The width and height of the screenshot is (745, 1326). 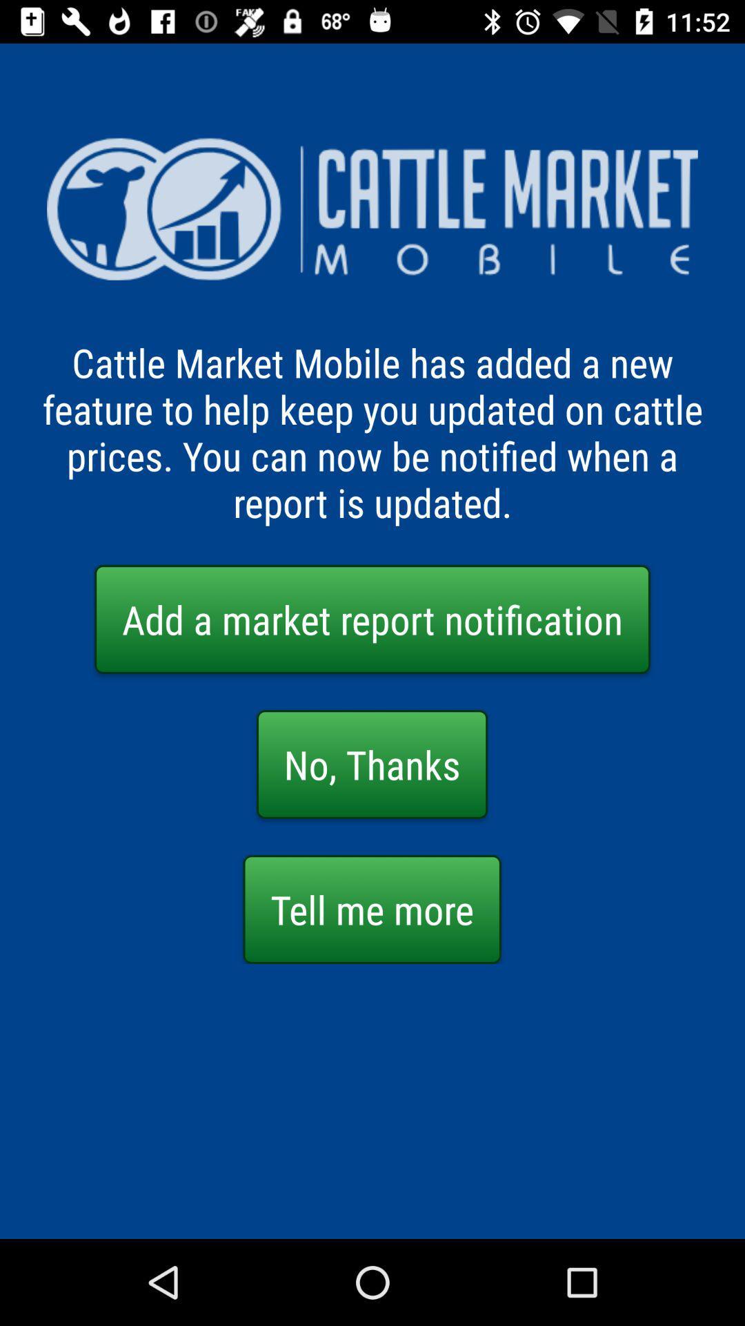 What do you see at coordinates (371, 764) in the screenshot?
I see `the no, thanks button` at bounding box center [371, 764].